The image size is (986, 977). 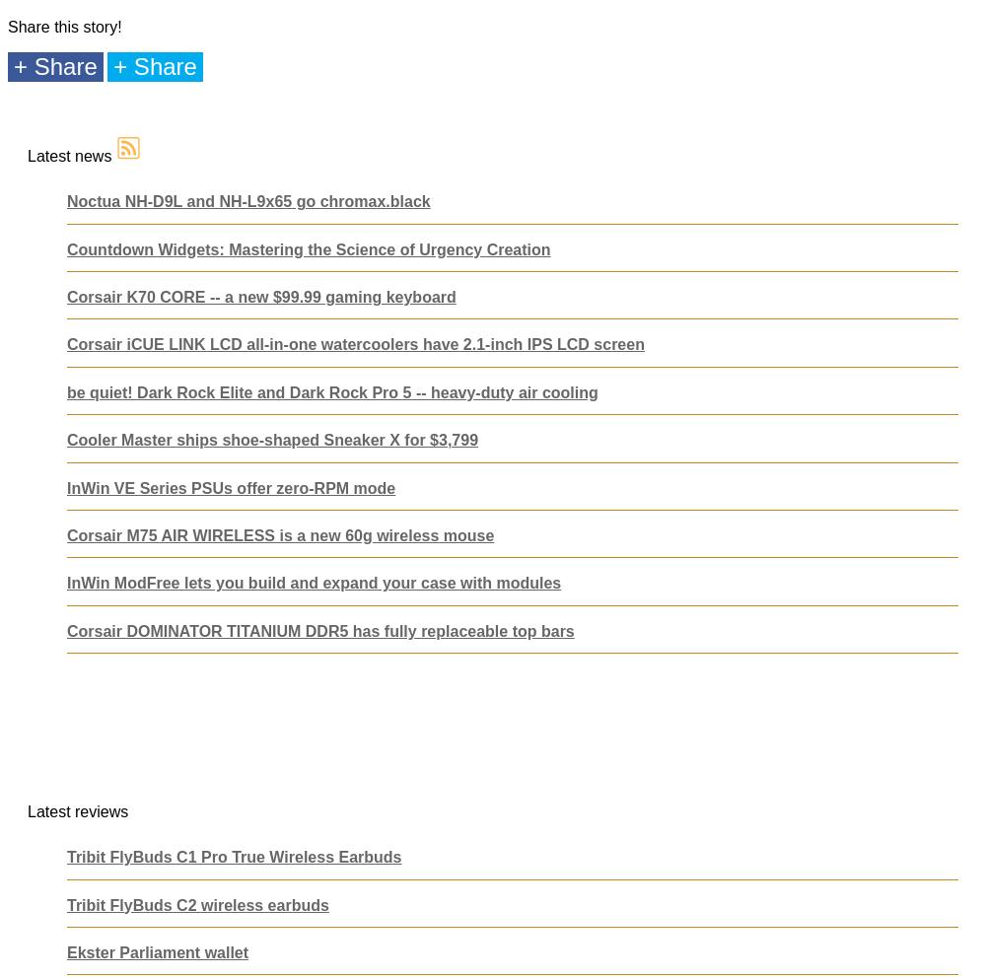 What do you see at coordinates (66, 583) in the screenshot?
I see `'InWin ModFree lets you build and expand your case with modules'` at bounding box center [66, 583].